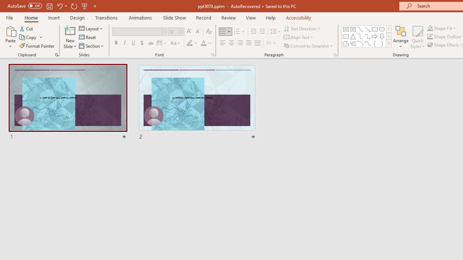 This screenshot has width=463, height=260. Describe the element at coordinates (208, 31) in the screenshot. I see `'Clear Formatting'` at that location.